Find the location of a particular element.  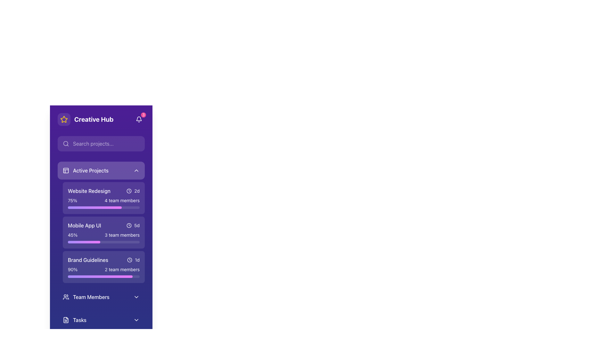

the text label displaying '90%' in bold white font on a purple background, located in the 'Brand Guidelines' section under the 'Active Projects' group is located at coordinates (73, 270).